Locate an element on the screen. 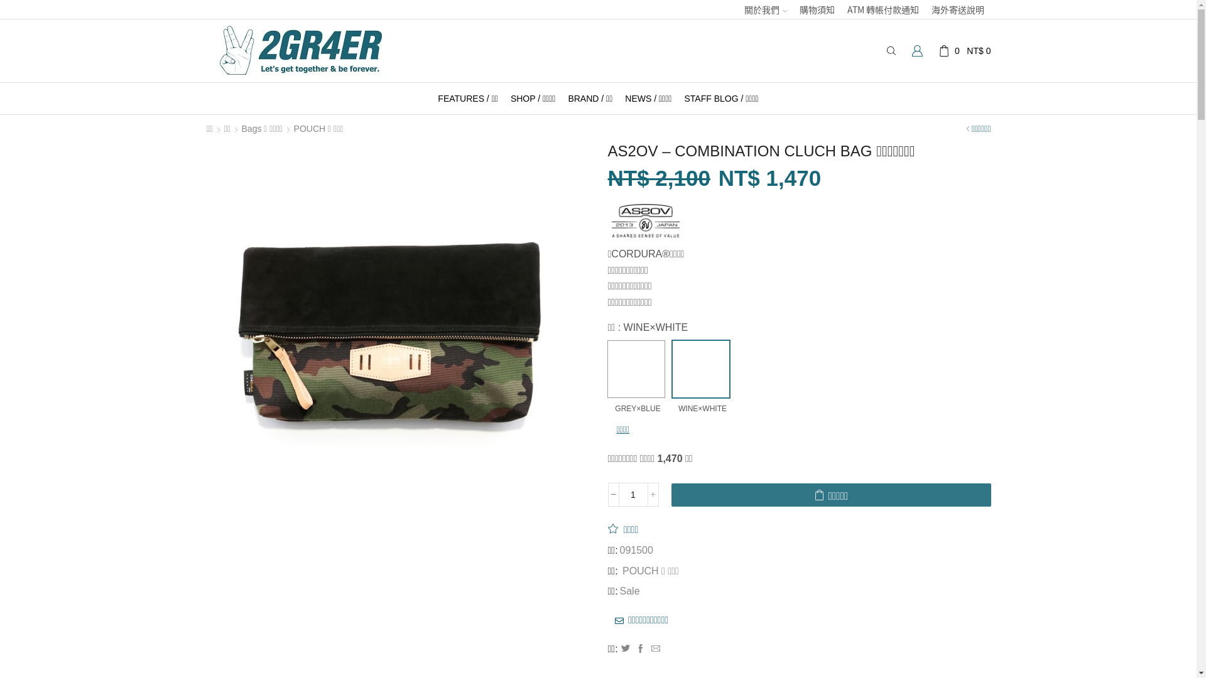 The width and height of the screenshot is (1206, 678). '0 is located at coordinates (964, 50).